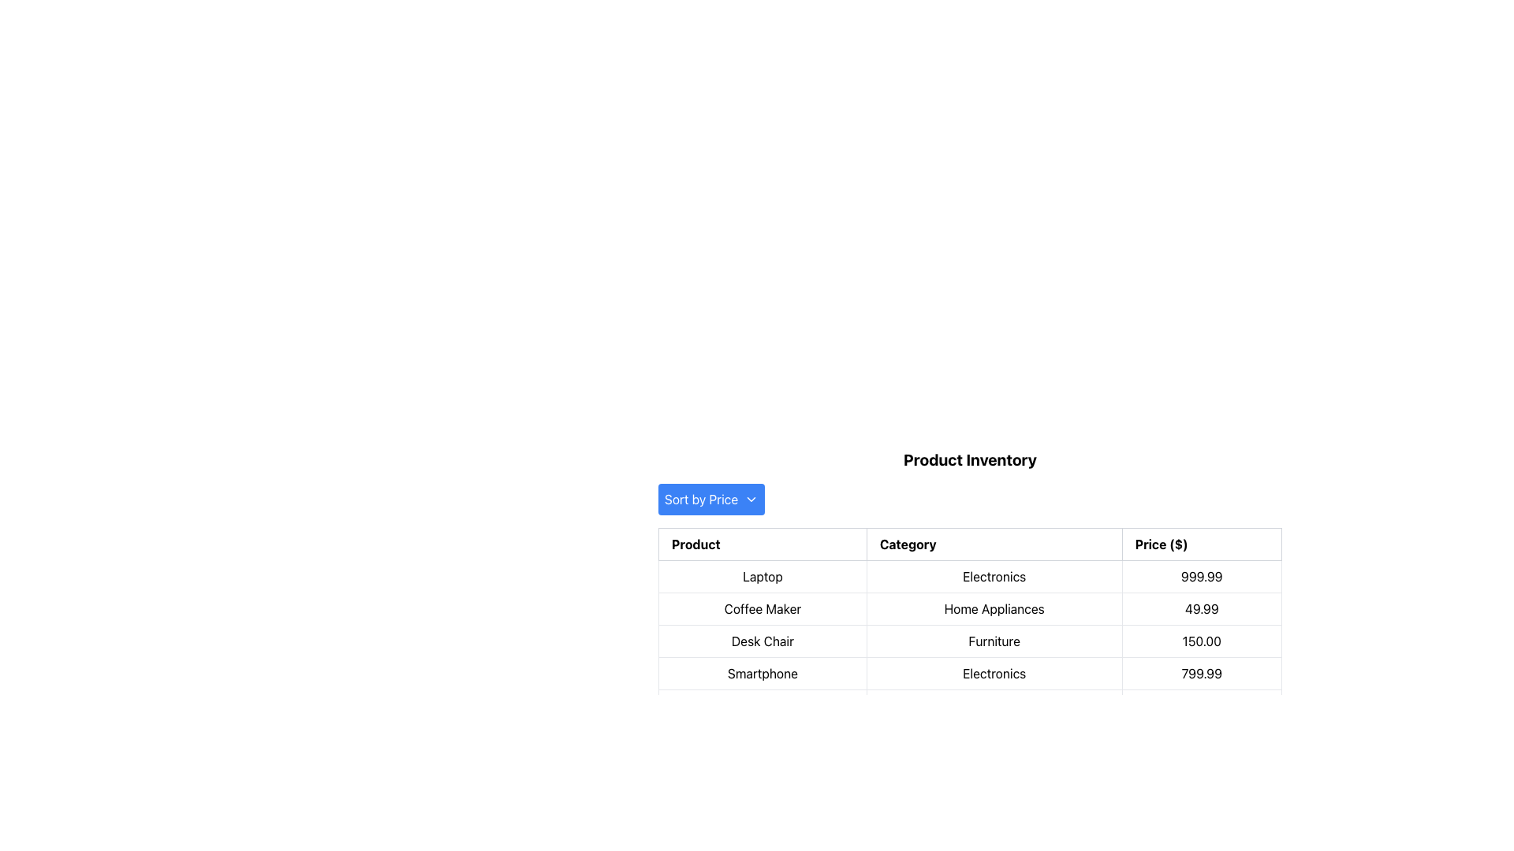 The width and height of the screenshot is (1514, 851). Describe the element at coordinates (969, 641) in the screenshot. I see `the table cell representing the category of the product 'Desk Chair', which is located in the second column of the third row under the 'Product Inventory' heading` at that location.